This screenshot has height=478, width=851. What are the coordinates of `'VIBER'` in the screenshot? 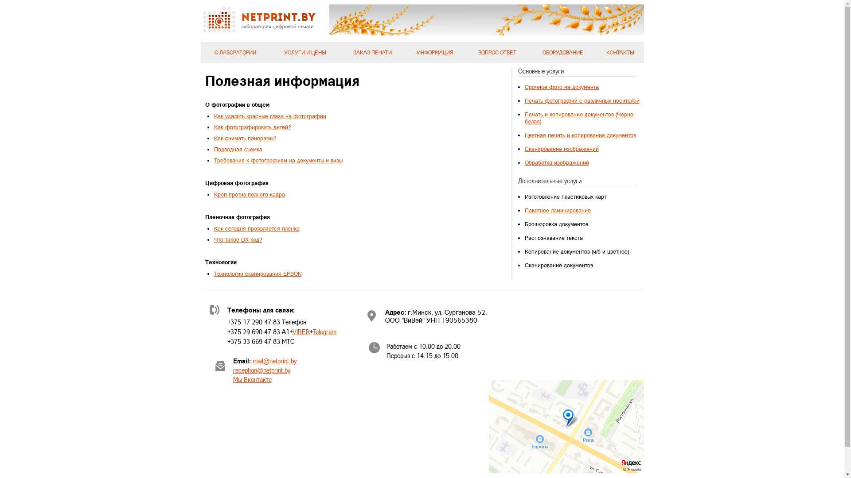 It's located at (301, 332).